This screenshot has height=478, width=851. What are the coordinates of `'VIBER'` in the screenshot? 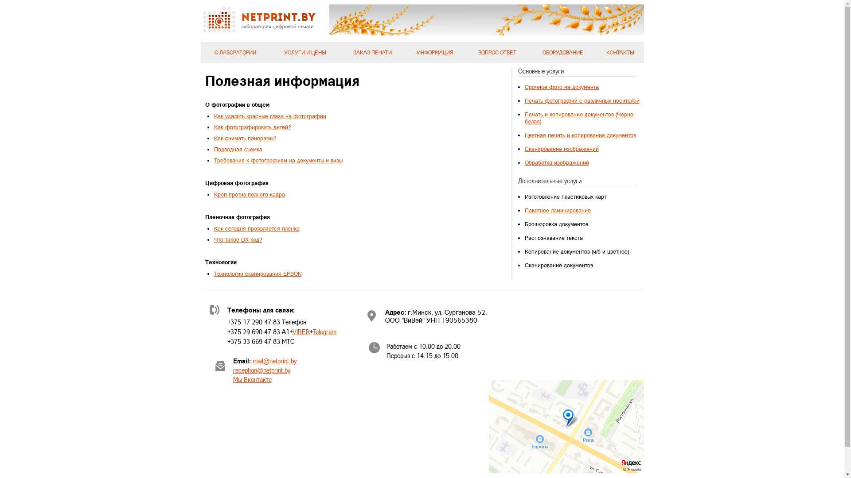 It's located at (301, 332).